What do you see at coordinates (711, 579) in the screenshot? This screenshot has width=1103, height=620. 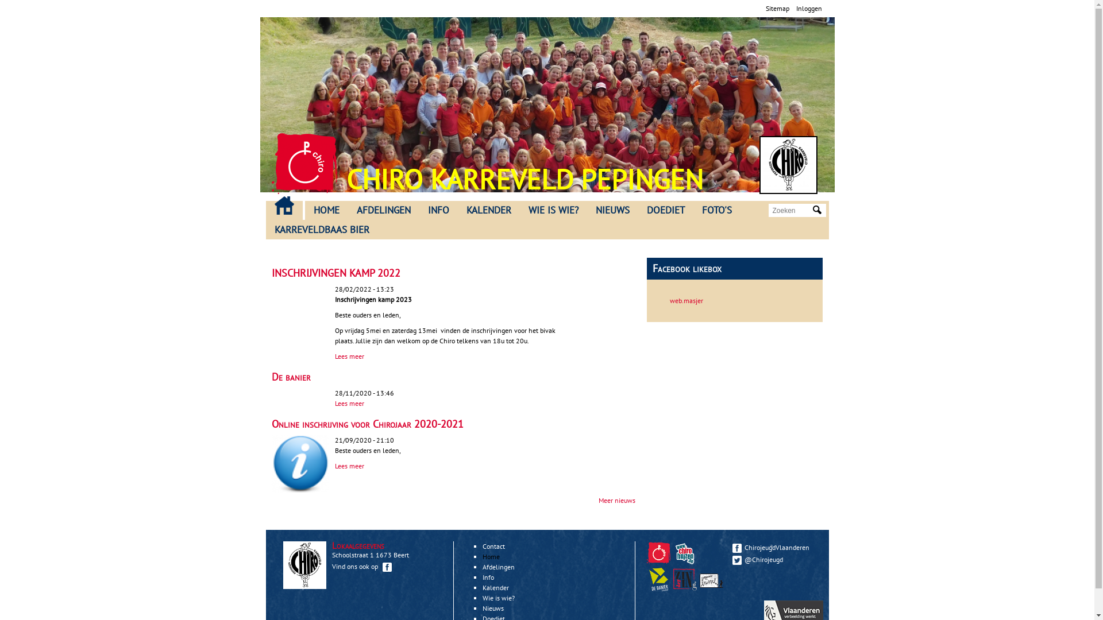 I see `'Verbond Brussel'` at bounding box center [711, 579].